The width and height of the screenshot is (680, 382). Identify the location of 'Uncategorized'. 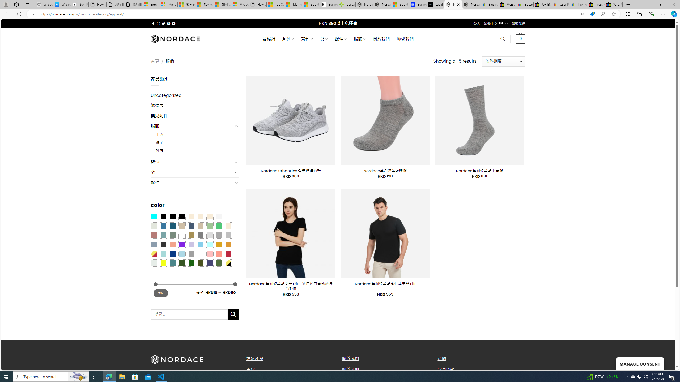
(194, 95).